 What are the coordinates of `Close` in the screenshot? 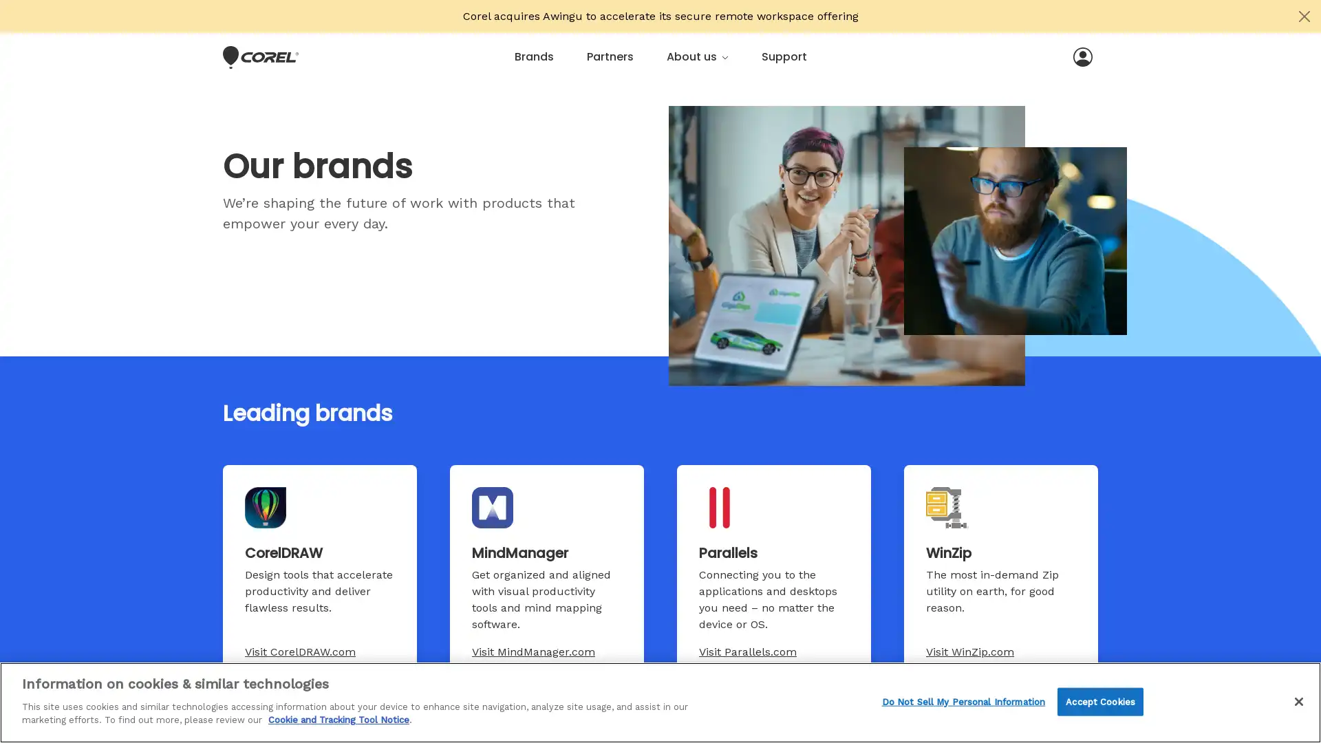 It's located at (1298, 700).